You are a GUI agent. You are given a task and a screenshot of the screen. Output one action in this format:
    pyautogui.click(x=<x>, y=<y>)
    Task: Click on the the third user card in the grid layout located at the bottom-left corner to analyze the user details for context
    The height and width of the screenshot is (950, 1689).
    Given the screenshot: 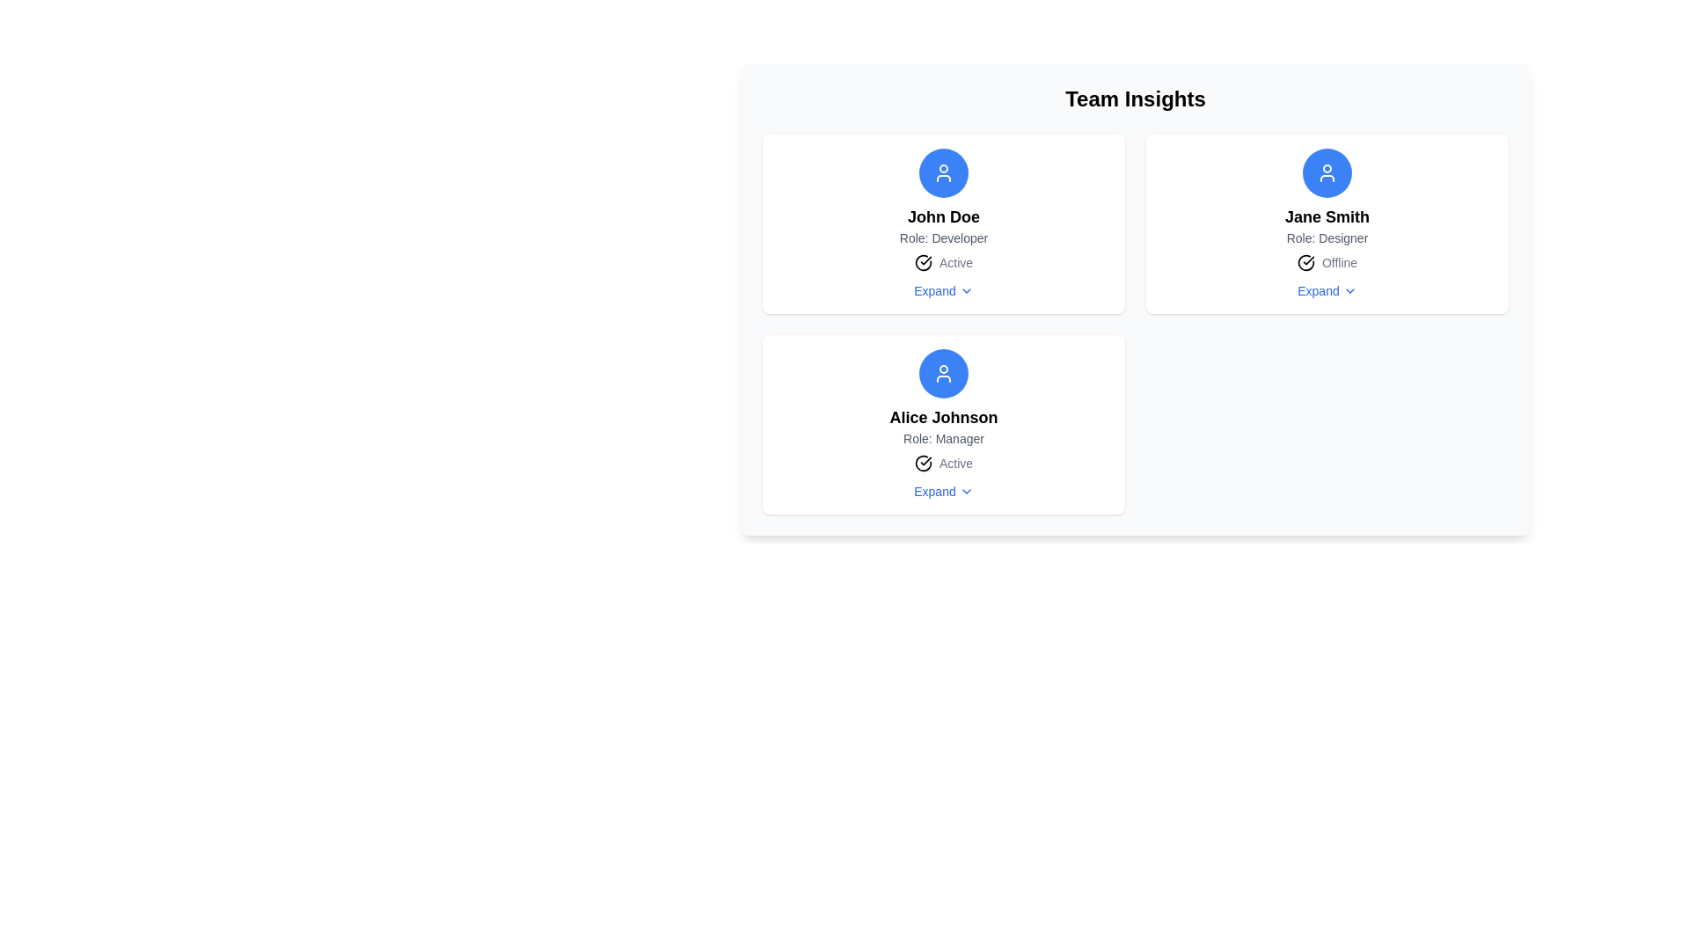 What is the action you would take?
    pyautogui.click(x=943, y=424)
    